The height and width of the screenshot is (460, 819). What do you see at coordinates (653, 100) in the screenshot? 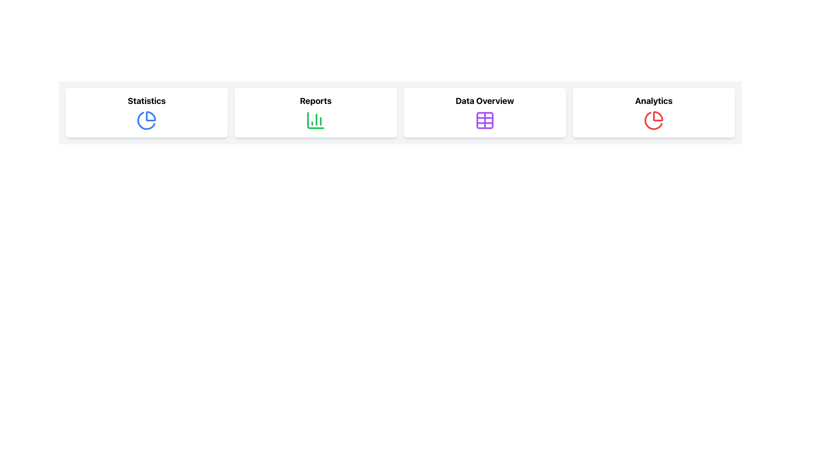
I see `the static text label indicating 'Analytics', which is positioned at the top of the card on the far right, above a red pie chart icon` at bounding box center [653, 100].